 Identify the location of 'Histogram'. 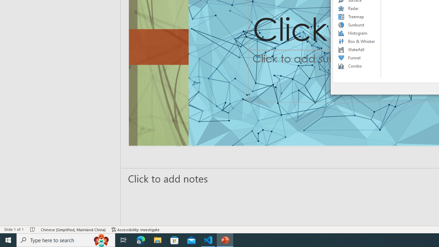
(357, 33).